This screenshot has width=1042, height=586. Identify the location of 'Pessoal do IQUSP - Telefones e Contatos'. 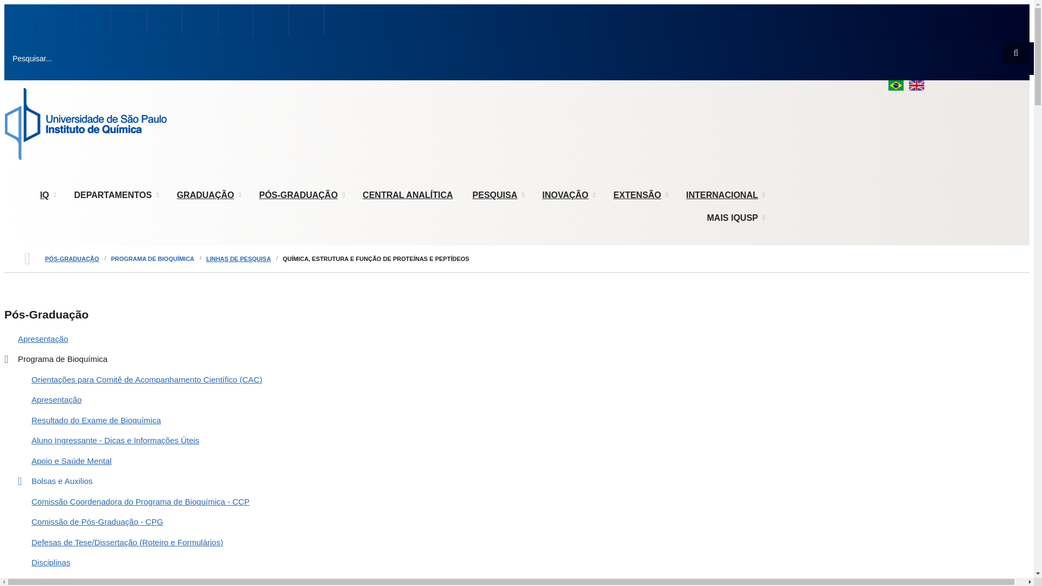
(56, 21).